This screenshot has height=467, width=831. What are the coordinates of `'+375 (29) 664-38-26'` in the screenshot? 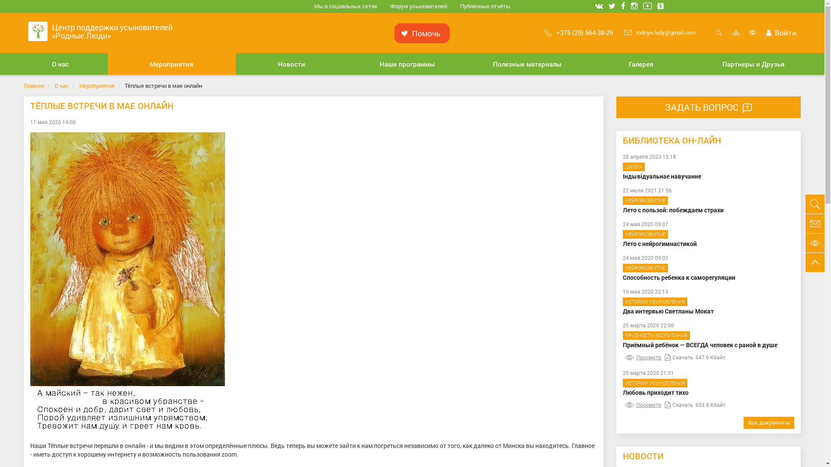 It's located at (579, 32).